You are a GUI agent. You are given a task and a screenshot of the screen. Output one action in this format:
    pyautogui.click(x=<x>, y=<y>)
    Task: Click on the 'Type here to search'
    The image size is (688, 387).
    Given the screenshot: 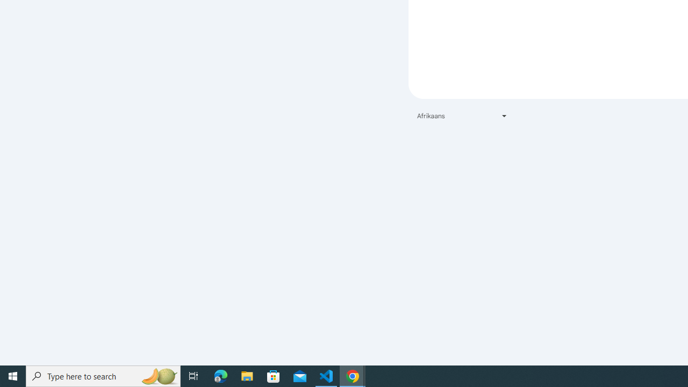 What is the action you would take?
    pyautogui.click(x=103, y=375)
    